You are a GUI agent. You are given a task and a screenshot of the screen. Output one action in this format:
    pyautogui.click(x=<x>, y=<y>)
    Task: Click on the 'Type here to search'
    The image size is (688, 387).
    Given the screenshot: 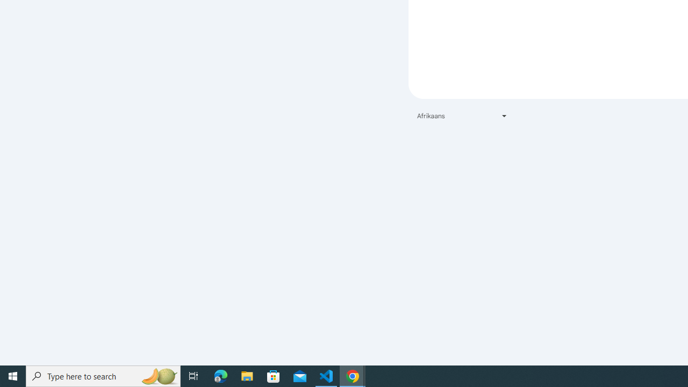 What is the action you would take?
    pyautogui.click(x=103, y=375)
    